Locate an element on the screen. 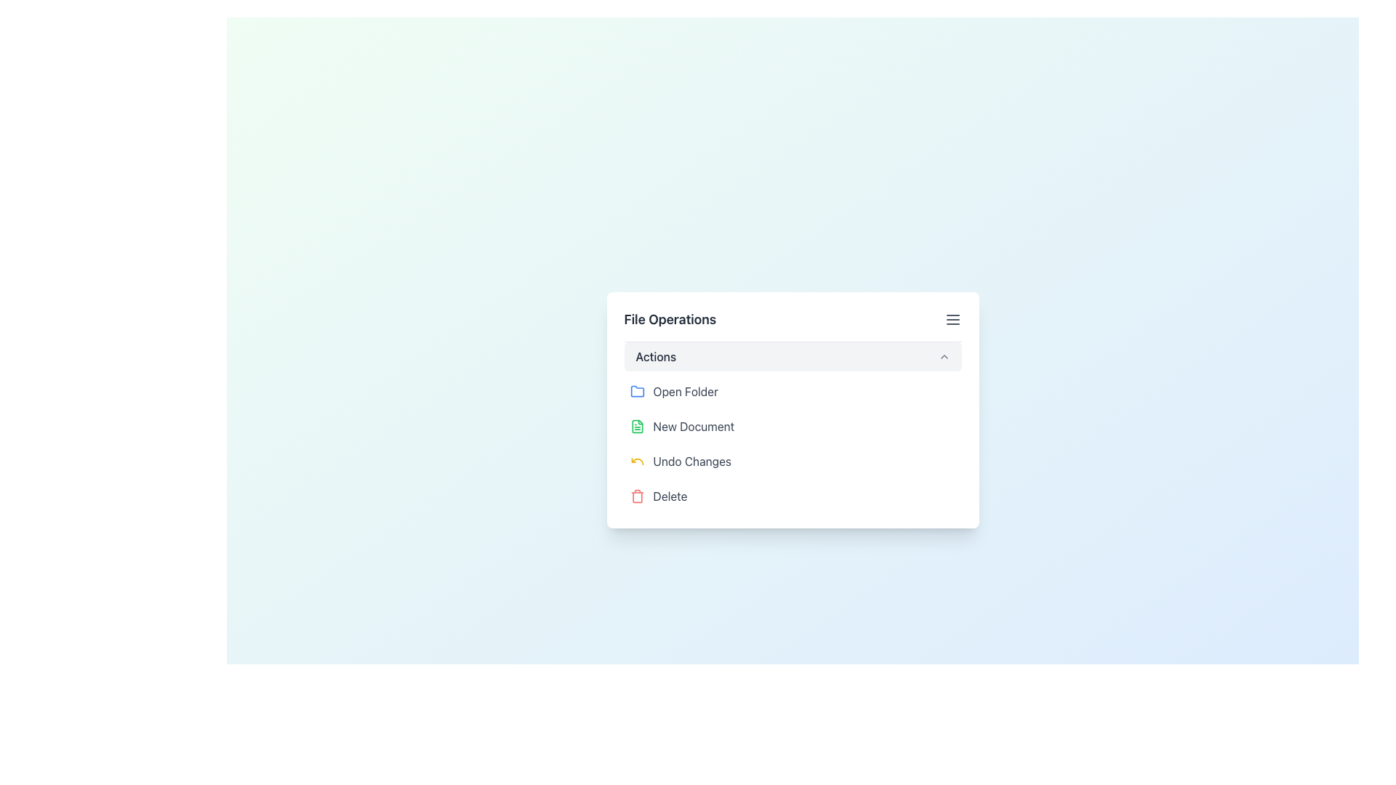  the 'Open Folder' text label which is styled in gray and positioned next to a blue folder icon in the menu is located at coordinates (685, 390).